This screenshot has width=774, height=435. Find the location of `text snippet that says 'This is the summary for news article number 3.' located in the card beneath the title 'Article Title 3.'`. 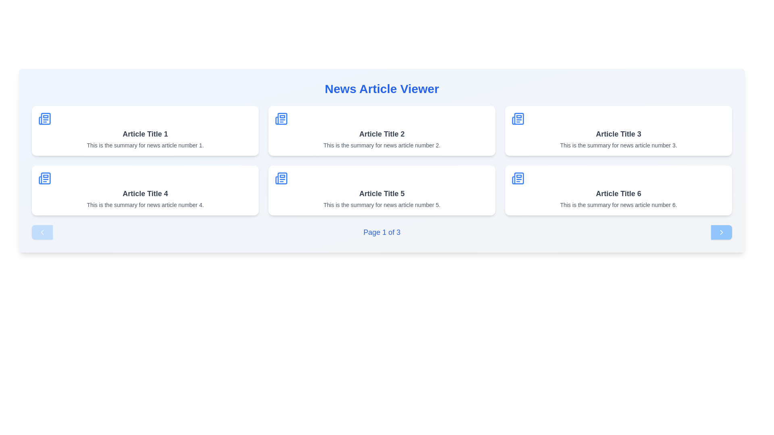

text snippet that says 'This is the summary for news article number 3.' located in the card beneath the title 'Article Title 3.' is located at coordinates (618, 145).